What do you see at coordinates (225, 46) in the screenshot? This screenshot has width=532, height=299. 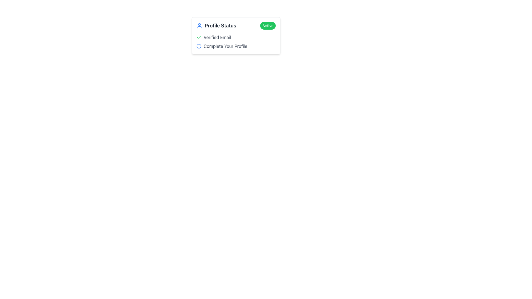 I see `the text label indicating an incomplete profile status, located to the right of the blue information icon in the 'Profile Status' card` at bounding box center [225, 46].